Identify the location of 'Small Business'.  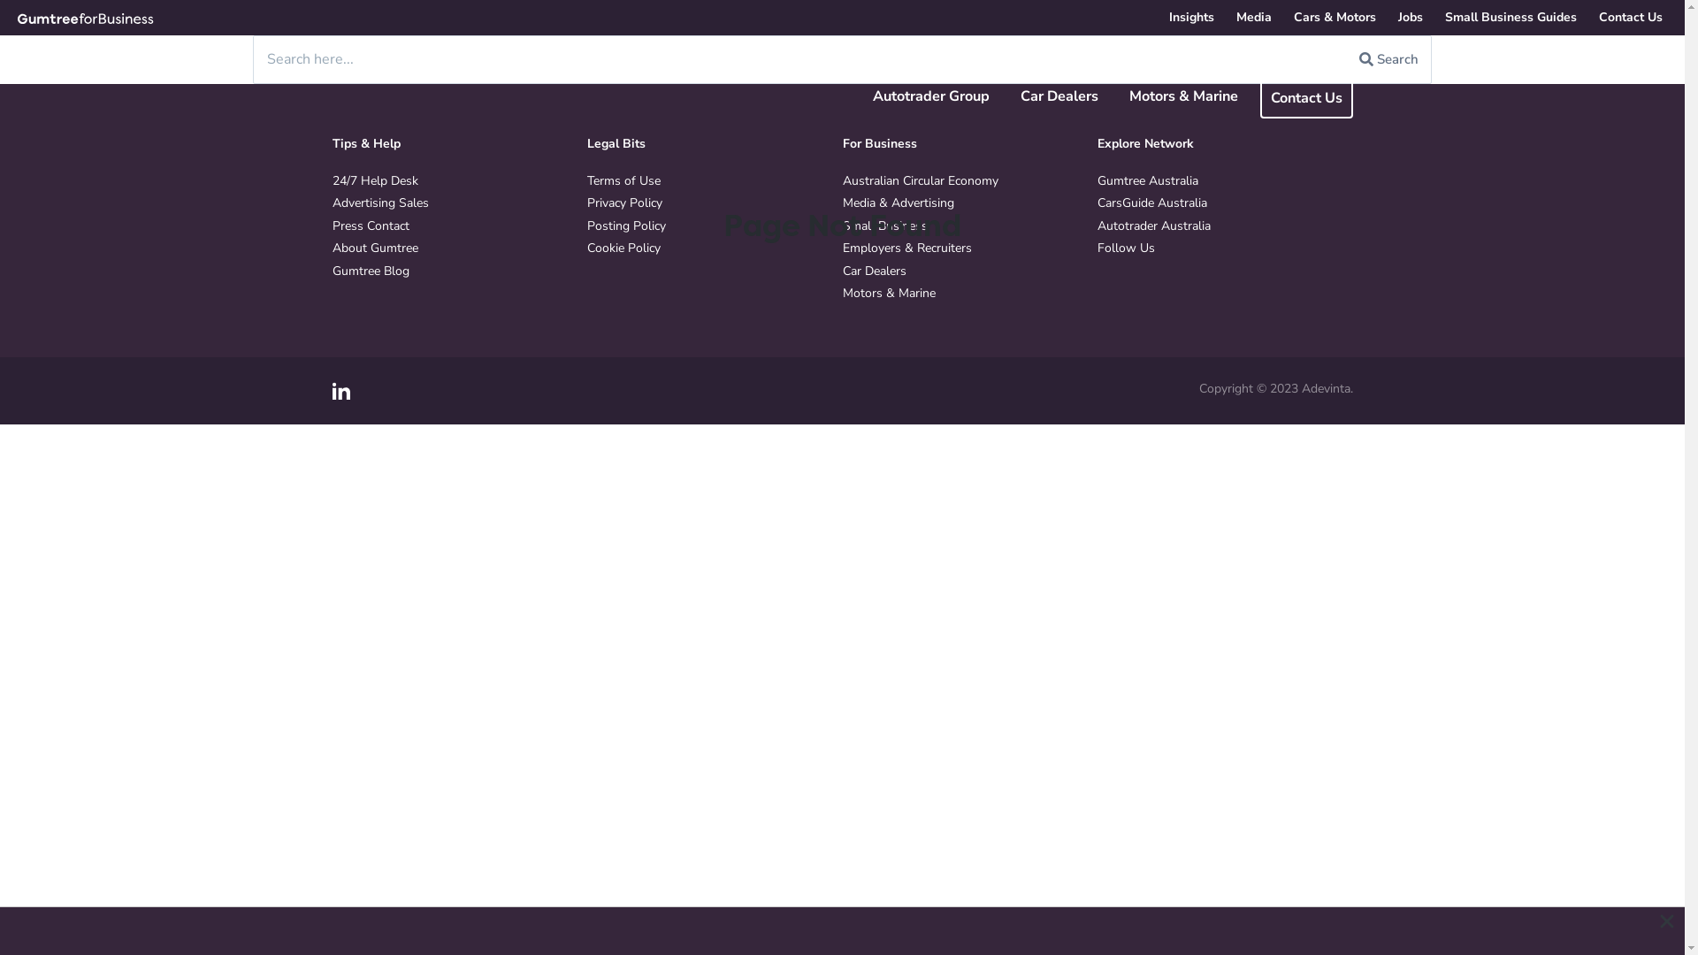
(840, 225).